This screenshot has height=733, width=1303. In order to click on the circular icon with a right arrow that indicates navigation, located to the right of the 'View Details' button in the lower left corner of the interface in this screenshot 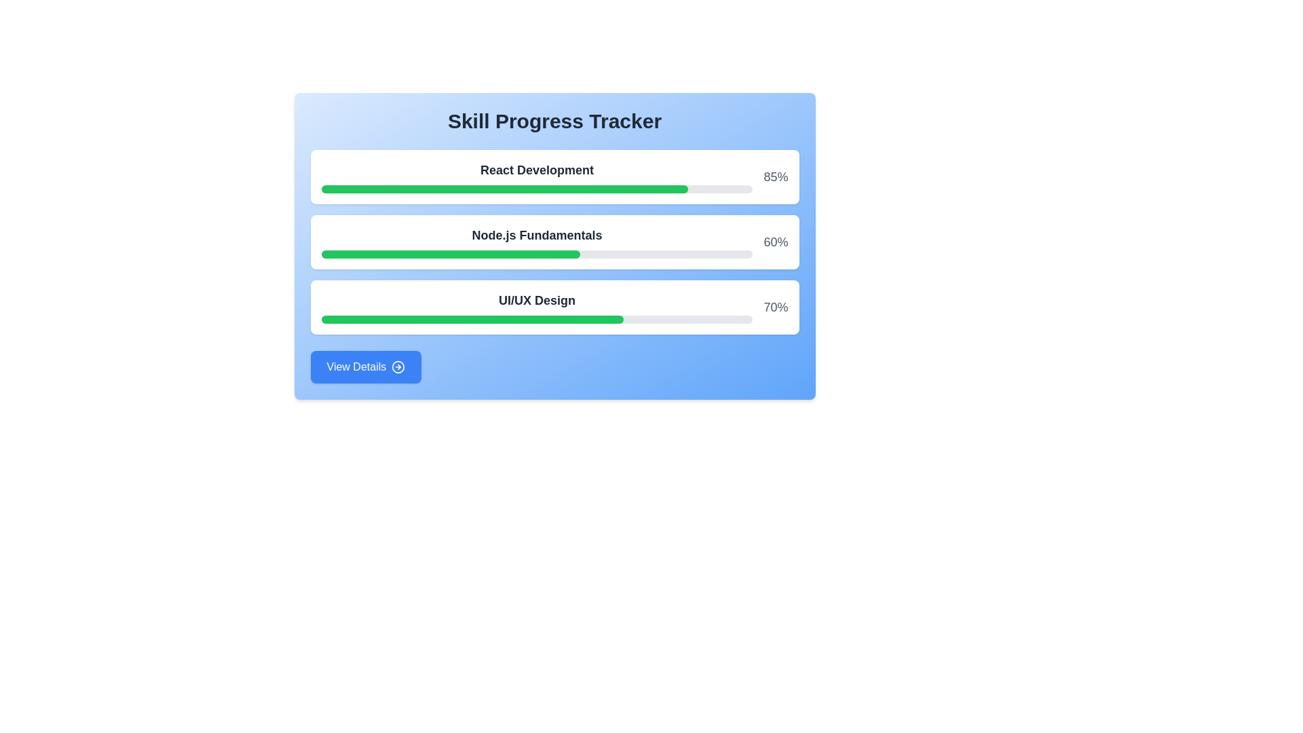, I will do `click(398, 366)`.